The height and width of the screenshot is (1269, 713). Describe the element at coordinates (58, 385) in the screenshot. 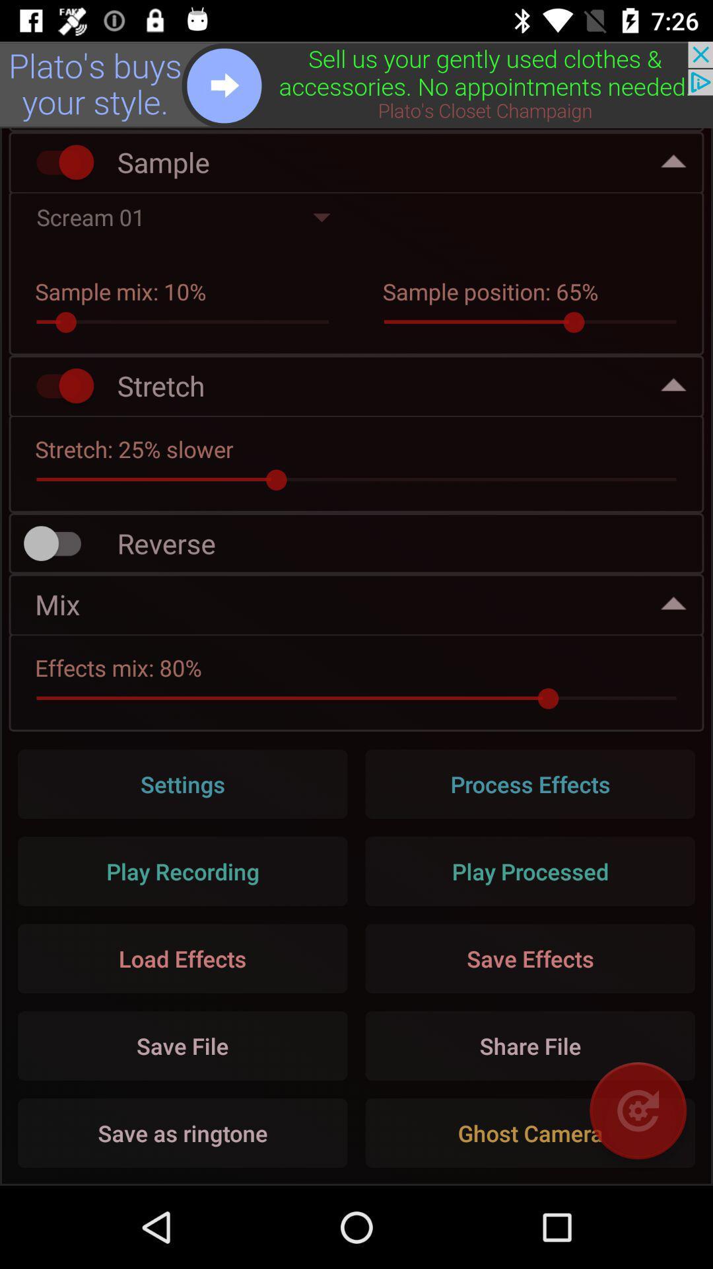

I see `effect` at that location.